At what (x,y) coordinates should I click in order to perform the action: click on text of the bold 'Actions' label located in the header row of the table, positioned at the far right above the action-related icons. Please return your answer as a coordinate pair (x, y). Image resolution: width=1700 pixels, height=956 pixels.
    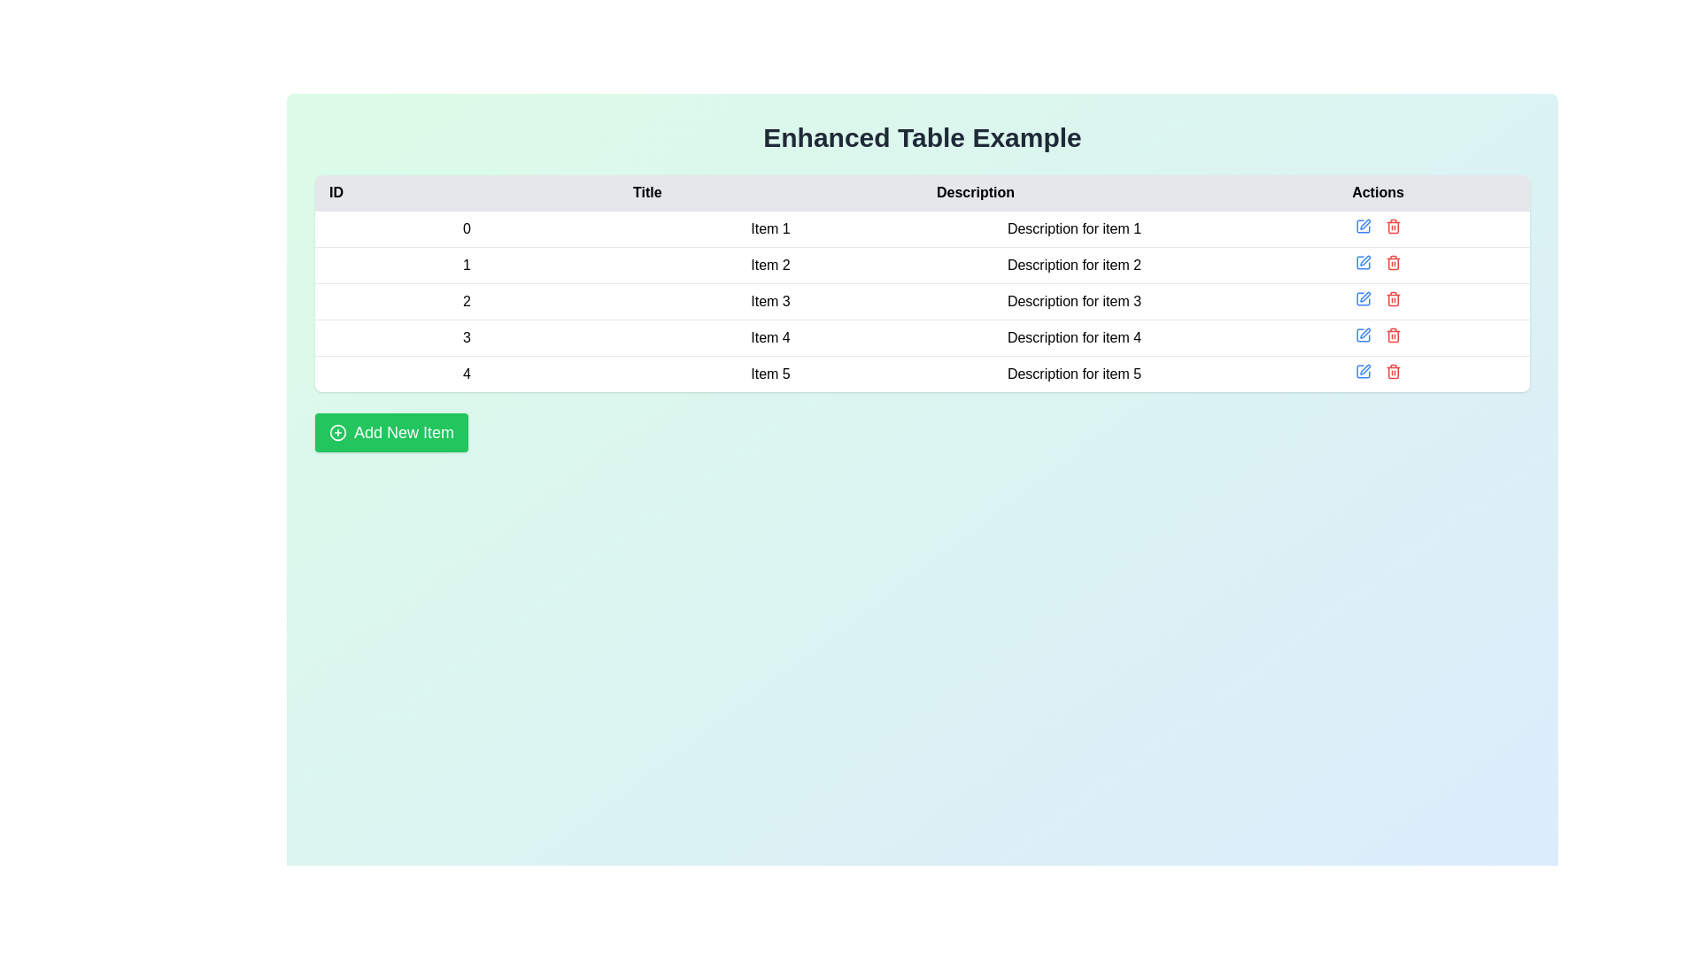
    Looking at the image, I should click on (1377, 193).